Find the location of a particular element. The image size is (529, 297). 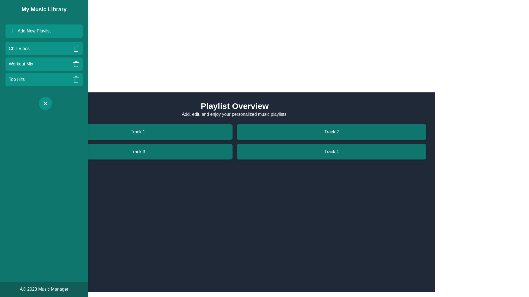

the teal-colored button labeled 'Track 4' to trigger the hover effect is located at coordinates (331, 152).